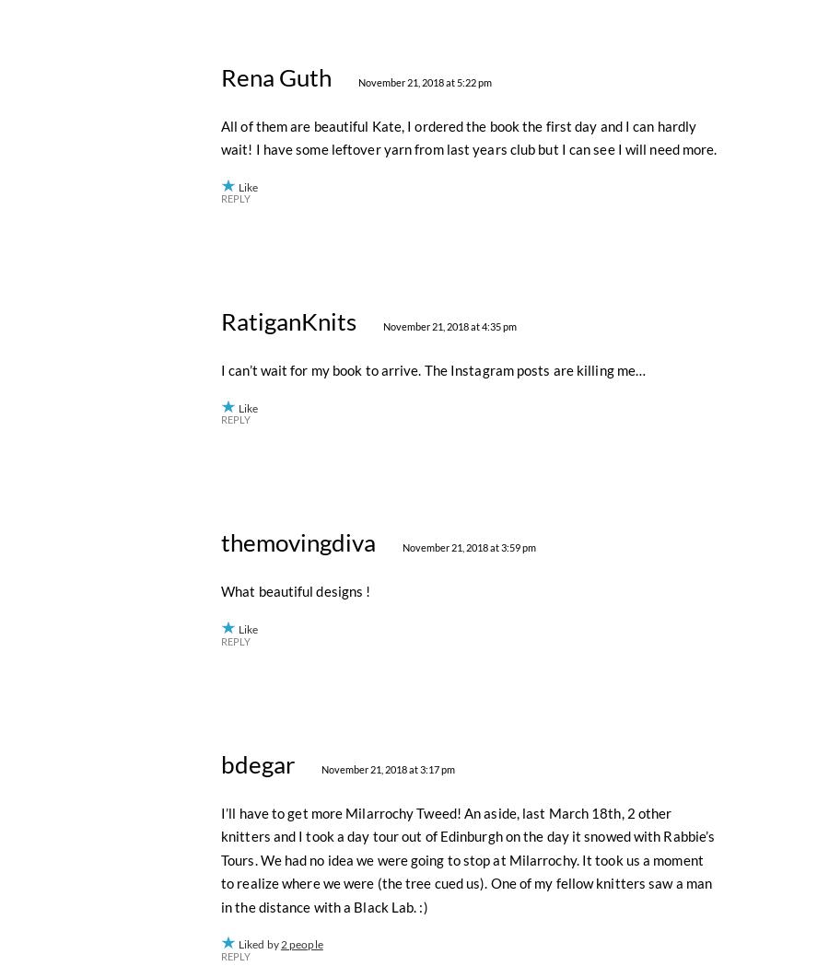 The width and height of the screenshot is (829, 966). I want to click on 'All of them are beautiful Kate, I ordered the book the first day and I can hardly wait! I have some leftover yarn from last years club but I can see I will need more.', so click(468, 541).